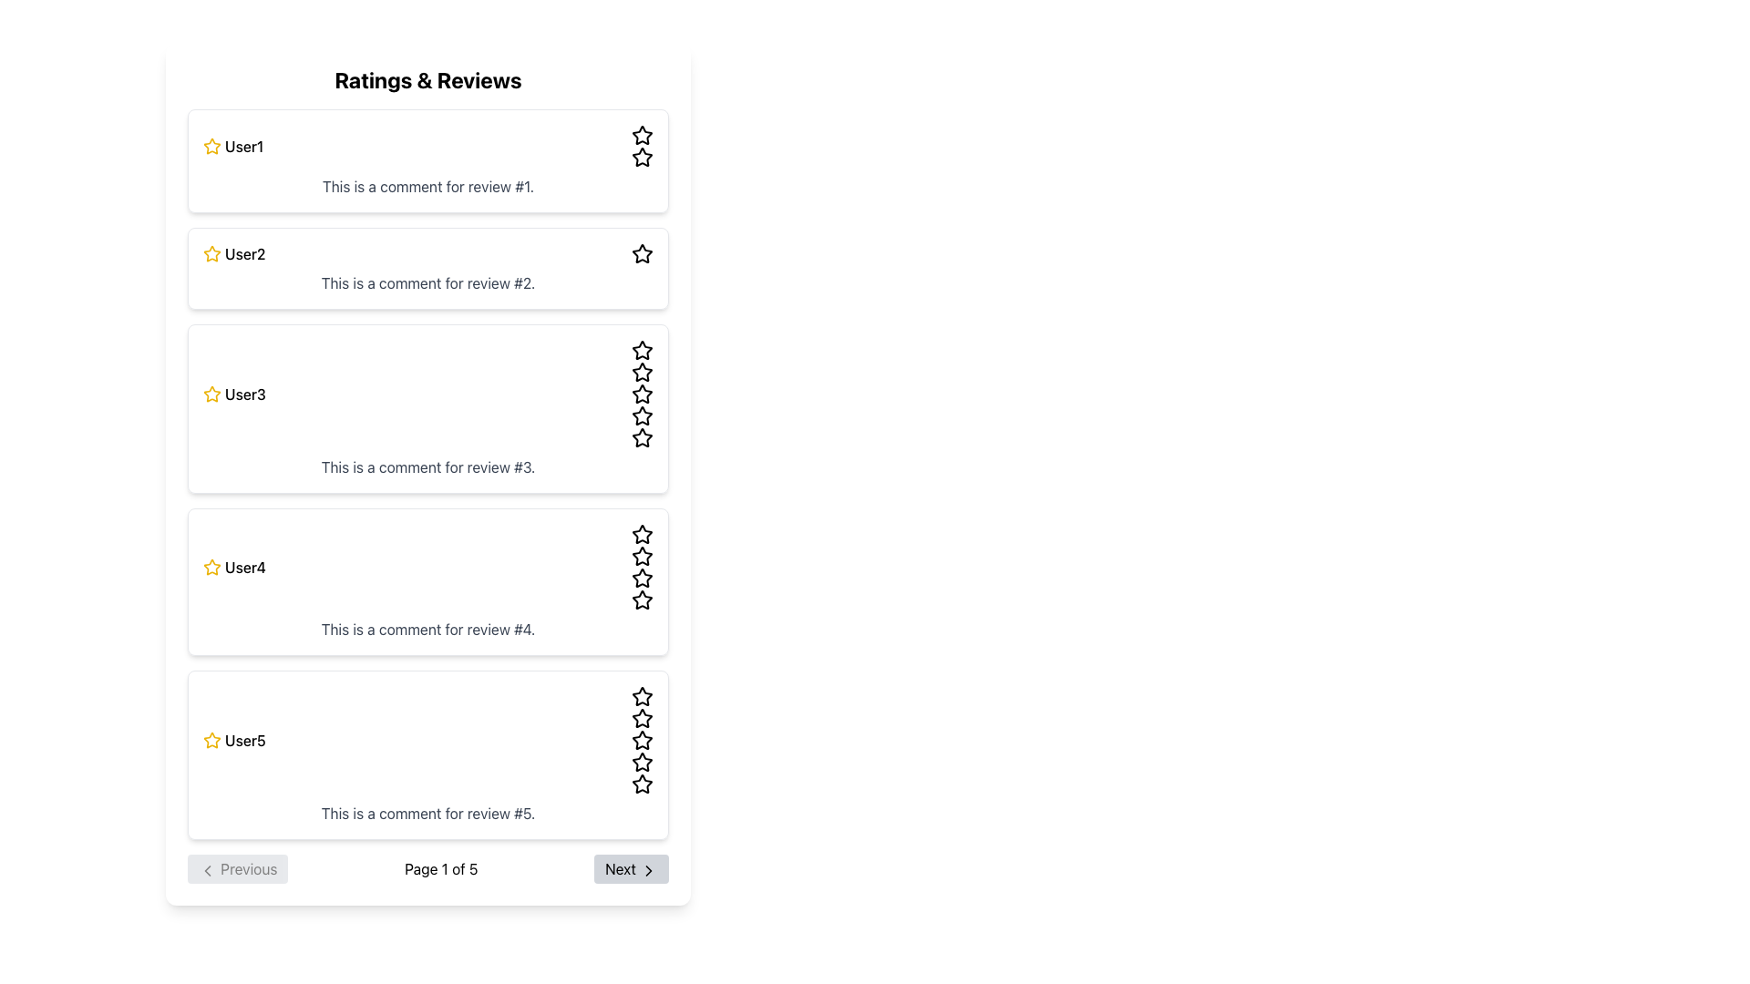 This screenshot has height=984, width=1750. Describe the element at coordinates (643, 438) in the screenshot. I see `the fifth star icon in the rating section of the third user review, which indicates a rating score` at that location.